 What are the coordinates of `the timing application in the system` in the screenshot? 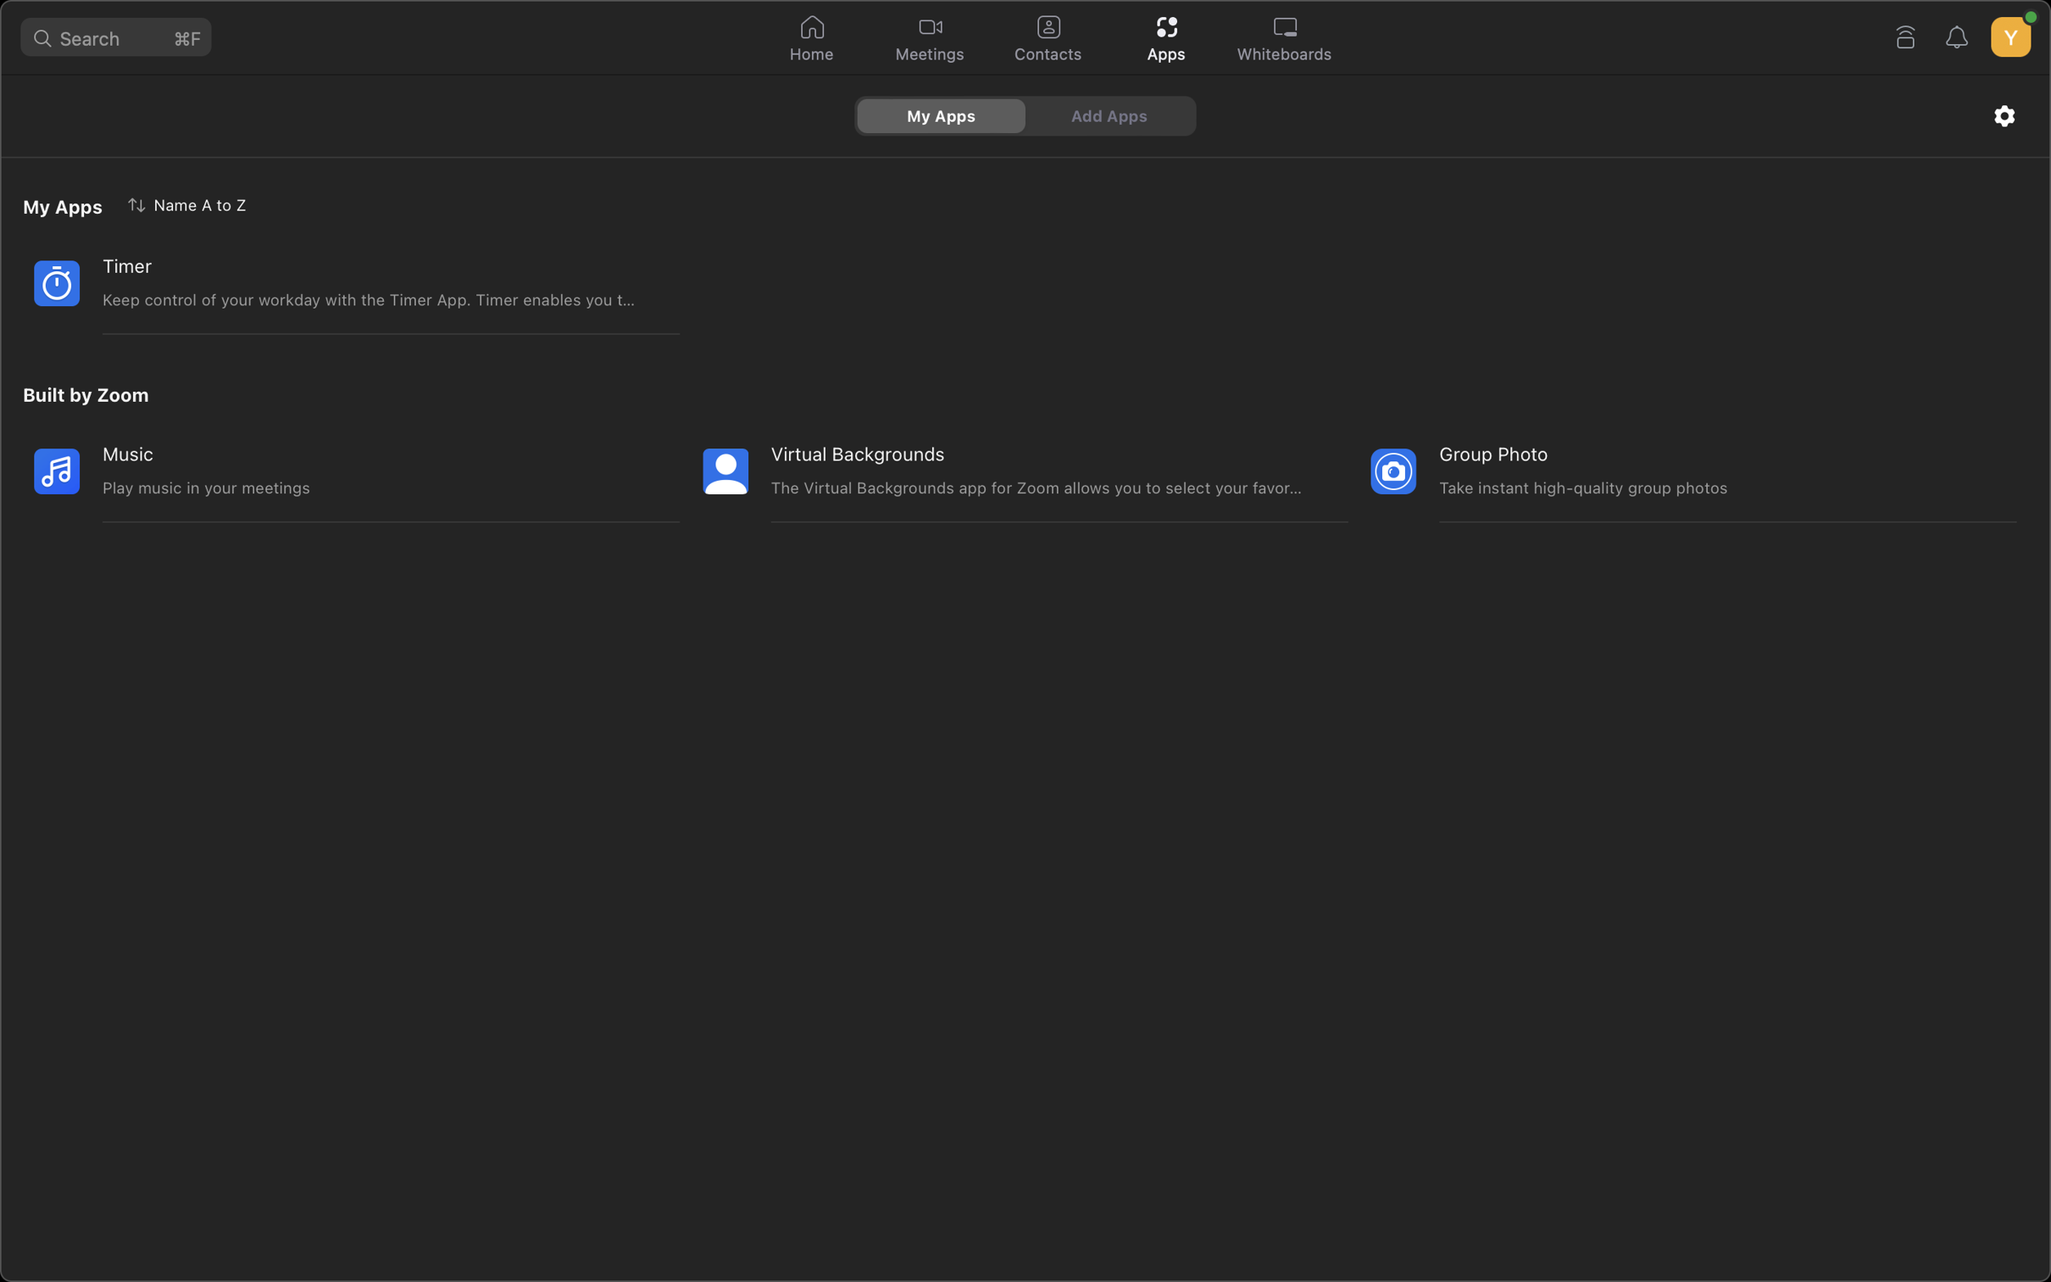 It's located at (331, 282).